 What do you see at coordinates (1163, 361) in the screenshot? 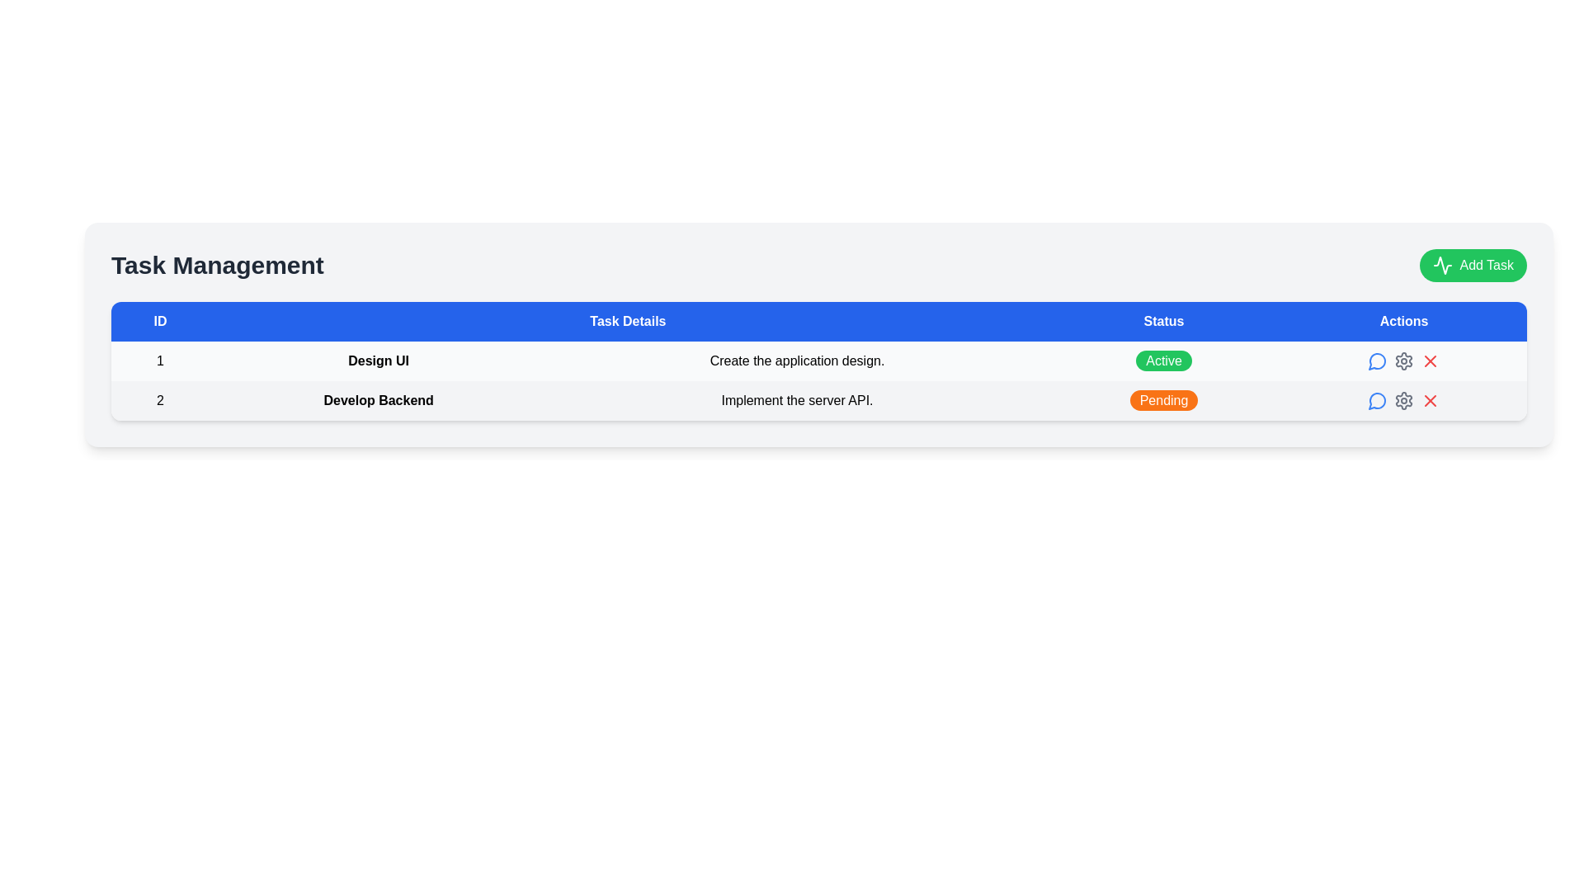
I see `text of the Status label that indicates the current status of the task 'Create the application design.' located in the 'Status' column of the first row under the 'Task Management' section` at bounding box center [1163, 361].